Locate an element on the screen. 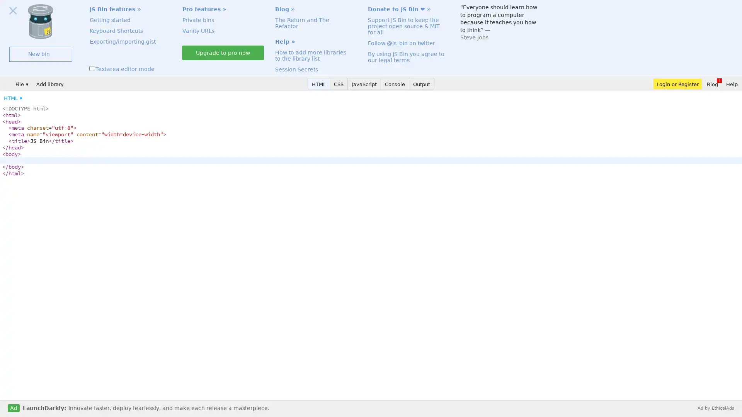  Output Panel: Inactive is located at coordinates (421, 84).